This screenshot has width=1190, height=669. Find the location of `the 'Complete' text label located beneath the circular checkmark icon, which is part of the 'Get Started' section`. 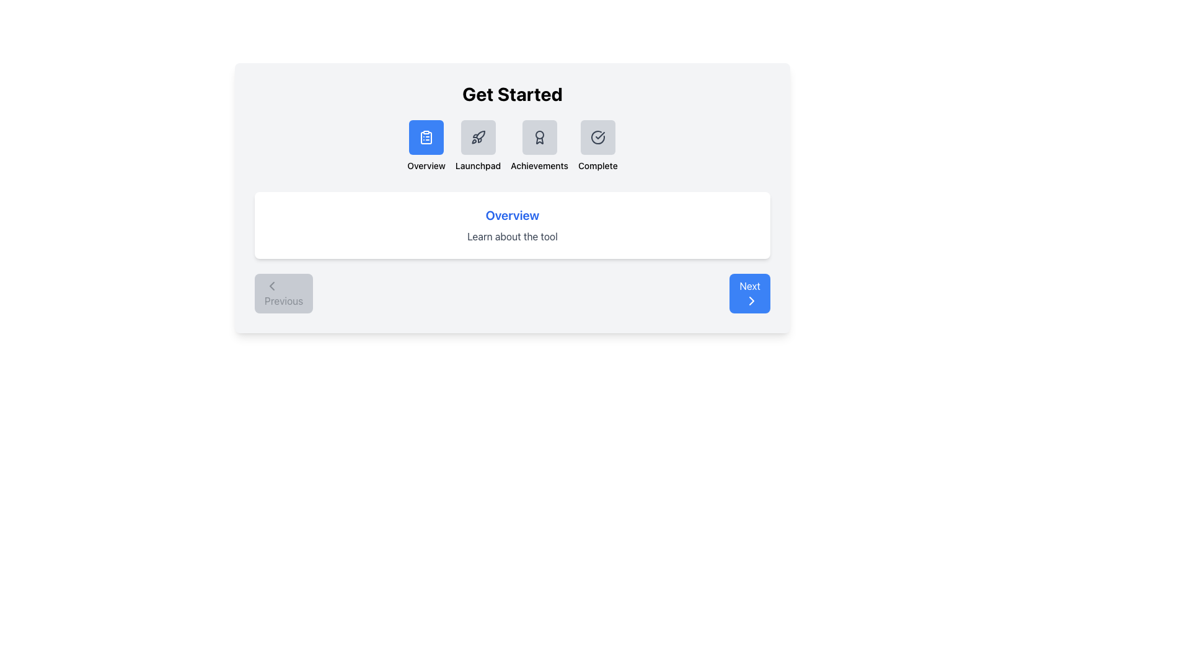

the 'Complete' text label located beneath the circular checkmark icon, which is part of the 'Get Started' section is located at coordinates (597, 165).